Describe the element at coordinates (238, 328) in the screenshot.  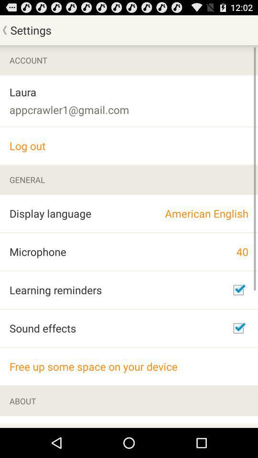
I see `check uncheck box` at that location.